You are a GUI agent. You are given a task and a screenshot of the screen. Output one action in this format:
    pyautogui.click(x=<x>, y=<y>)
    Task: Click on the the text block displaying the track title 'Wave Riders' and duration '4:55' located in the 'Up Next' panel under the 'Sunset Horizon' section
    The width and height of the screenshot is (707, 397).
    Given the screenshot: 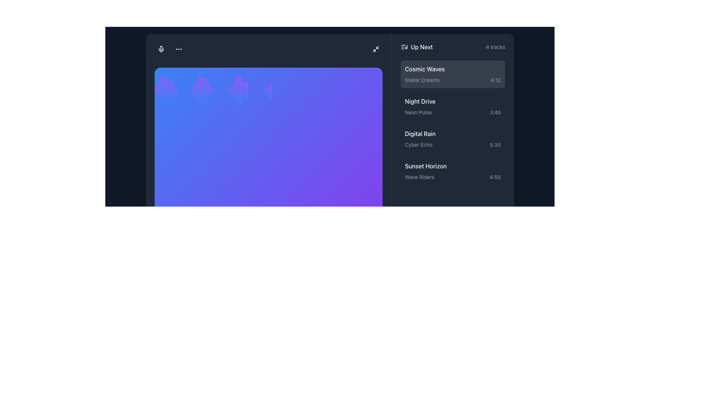 What is the action you would take?
    pyautogui.click(x=452, y=177)
    